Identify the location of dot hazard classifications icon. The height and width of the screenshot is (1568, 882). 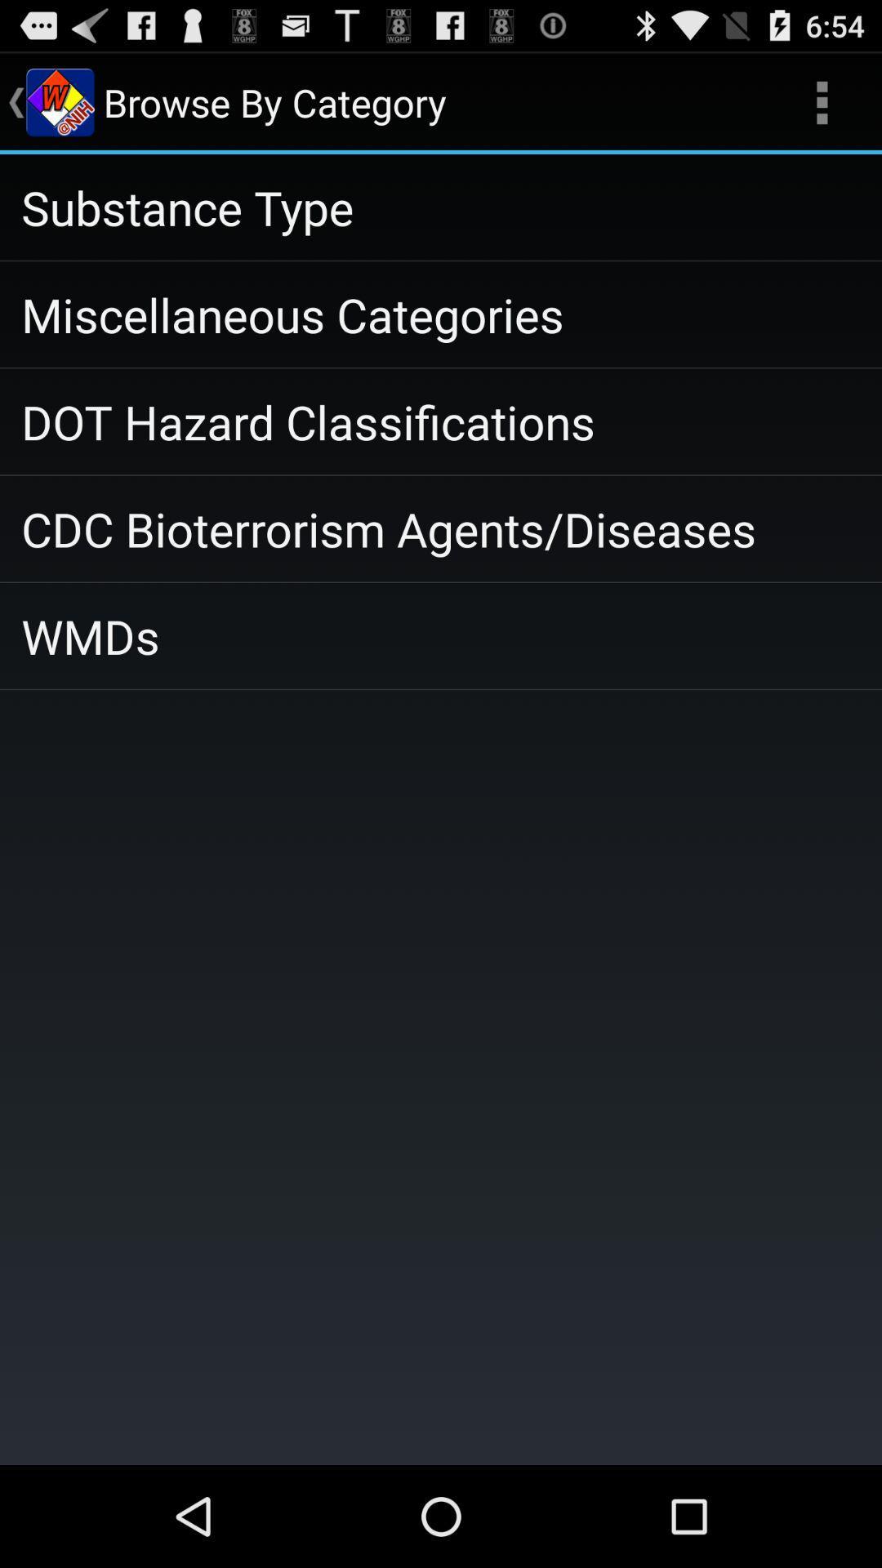
(441, 421).